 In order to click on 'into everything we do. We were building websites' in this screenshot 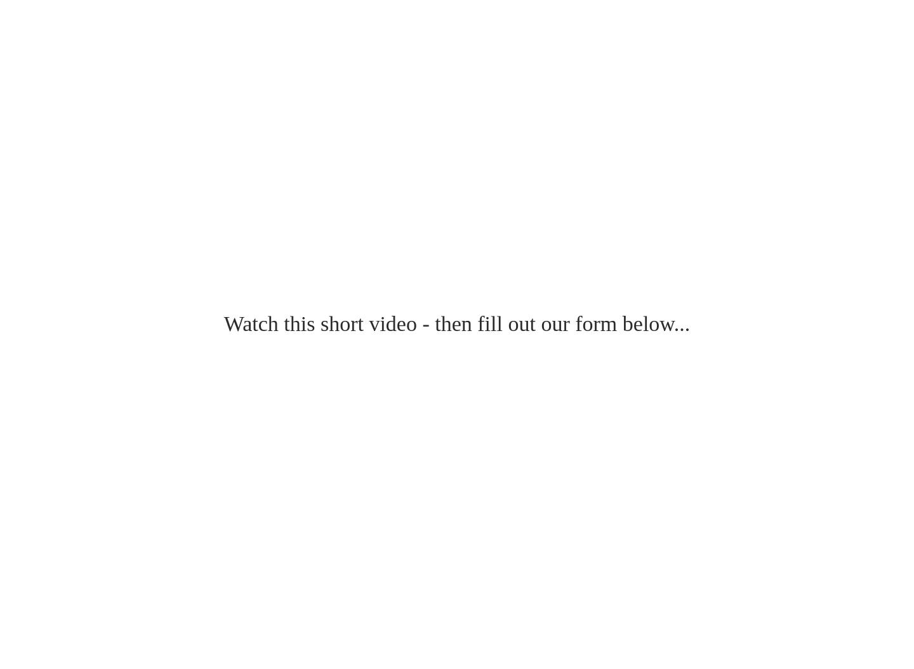, I will do `click(152, 63)`.